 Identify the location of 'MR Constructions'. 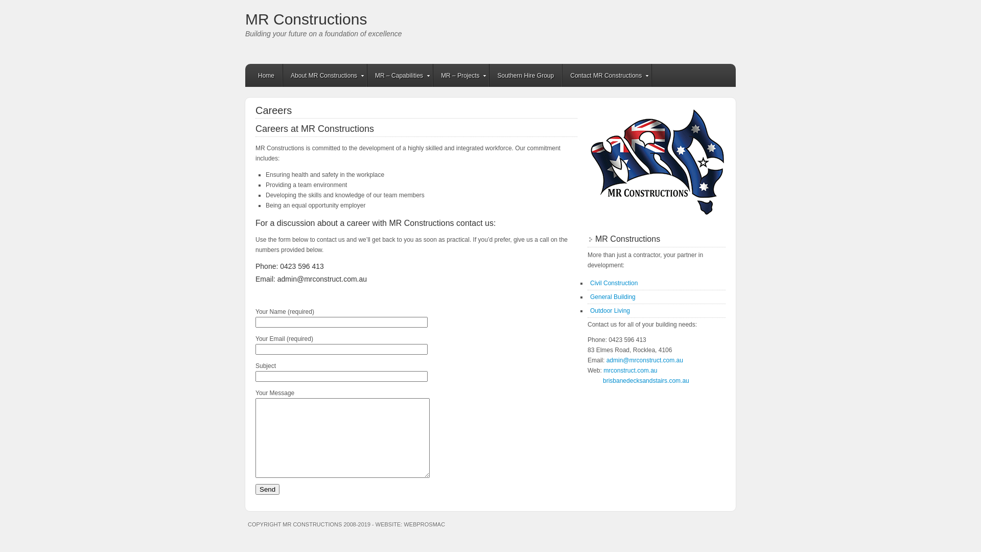
(306, 19).